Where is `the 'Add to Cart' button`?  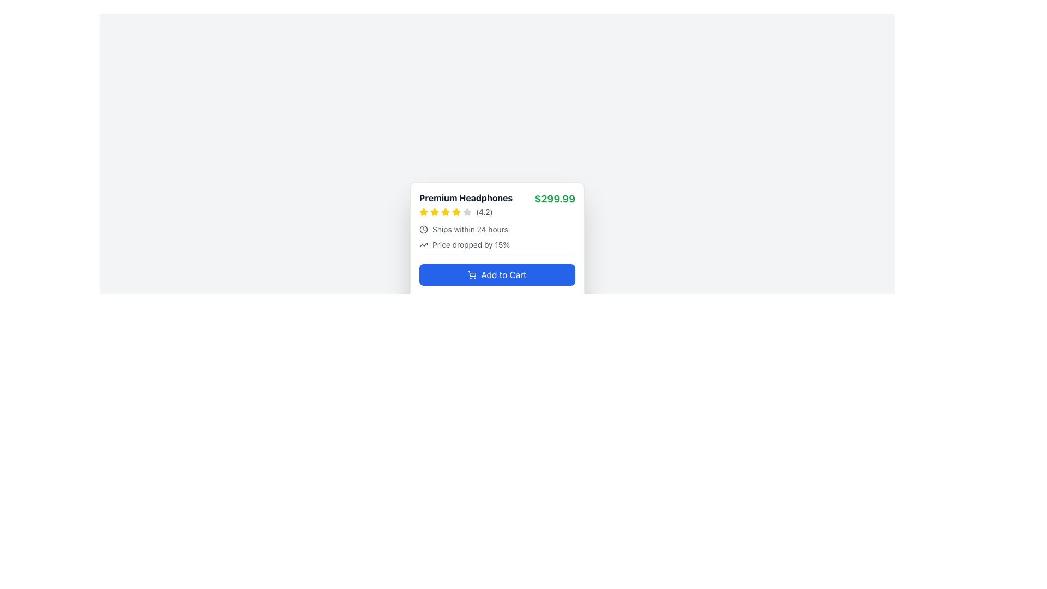
the 'Add to Cart' button is located at coordinates (497, 274).